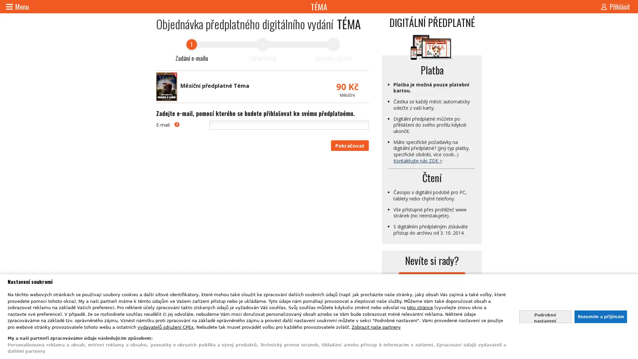 The height and width of the screenshot is (359, 638). I want to click on Nastavte sve souhlasy, so click(545, 316).